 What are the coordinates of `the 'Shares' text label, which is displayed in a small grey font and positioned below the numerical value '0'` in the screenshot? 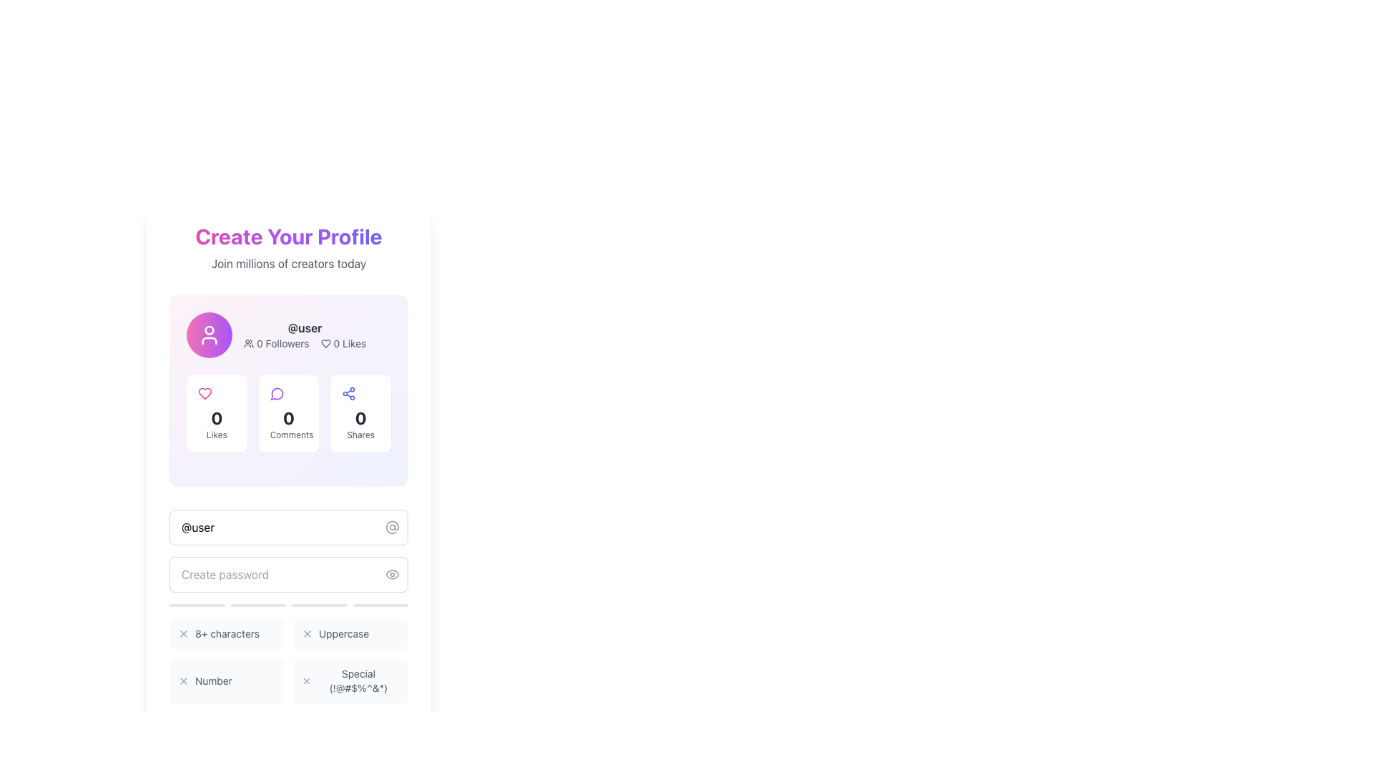 It's located at (360, 435).